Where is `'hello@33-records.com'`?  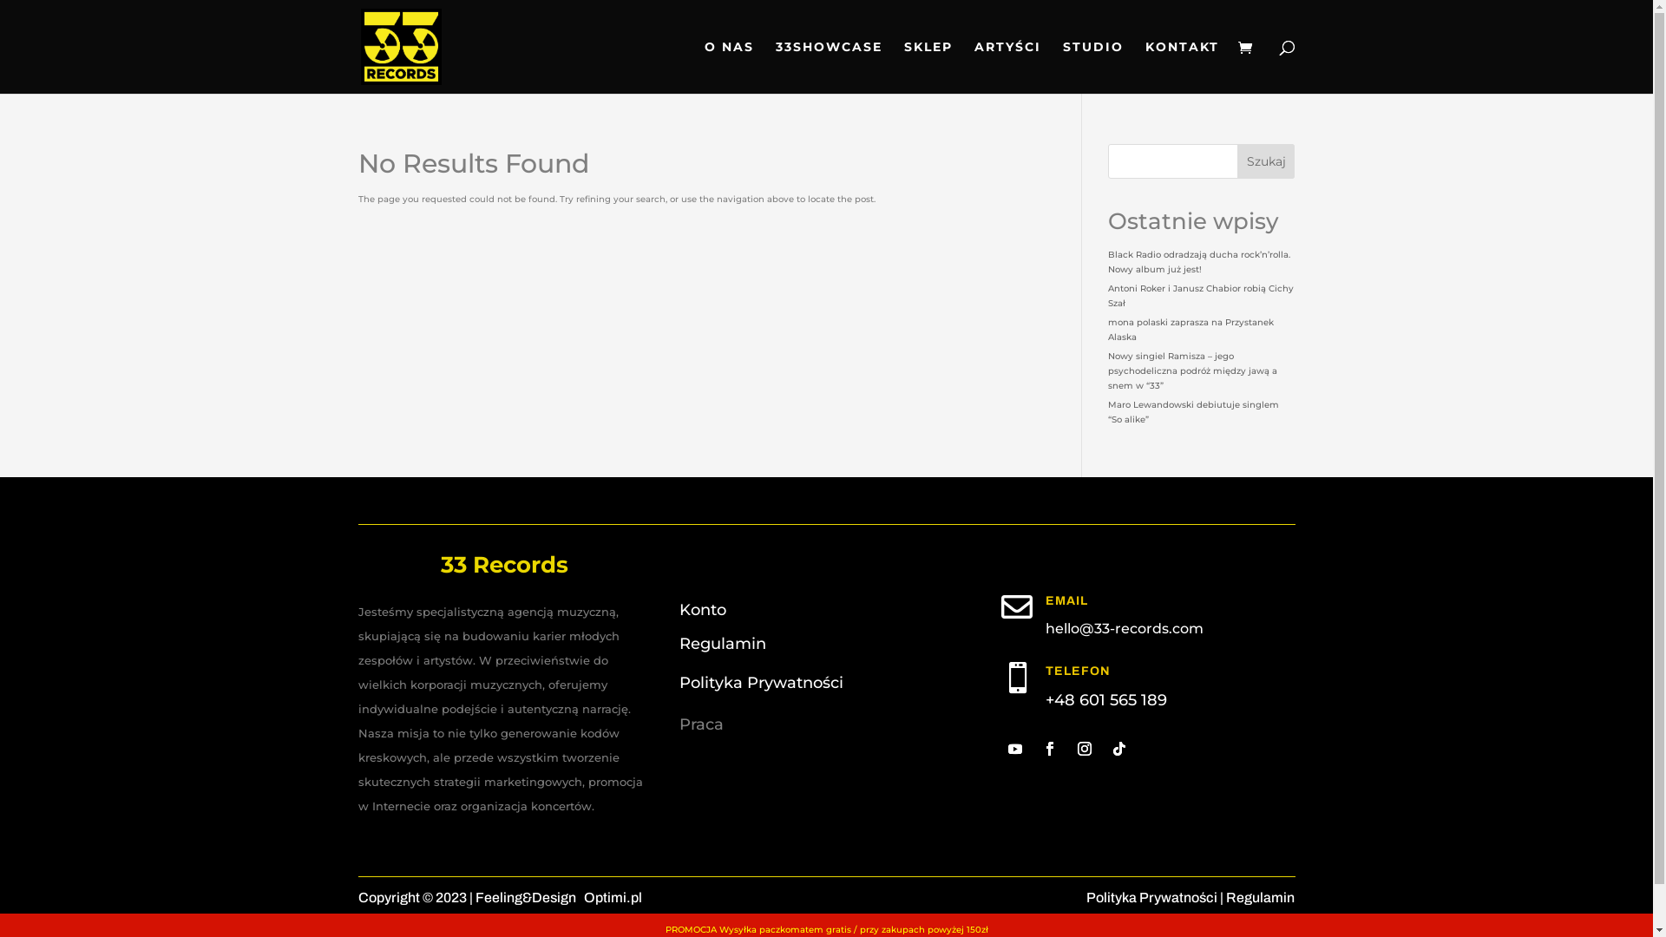 'hello@33-records.com' is located at coordinates (1125, 628).